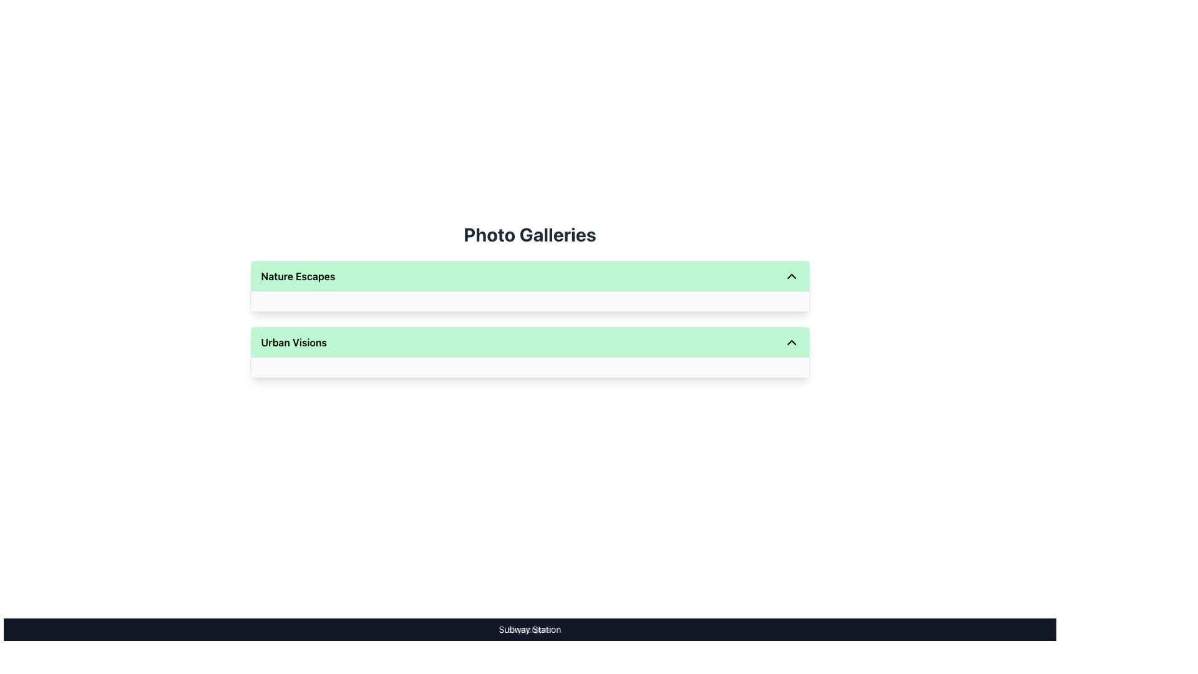 This screenshot has height=674, width=1198. What do you see at coordinates (791, 276) in the screenshot?
I see `the toggle button located at the rightmost edge of the 'Nature Escapes' section` at bounding box center [791, 276].